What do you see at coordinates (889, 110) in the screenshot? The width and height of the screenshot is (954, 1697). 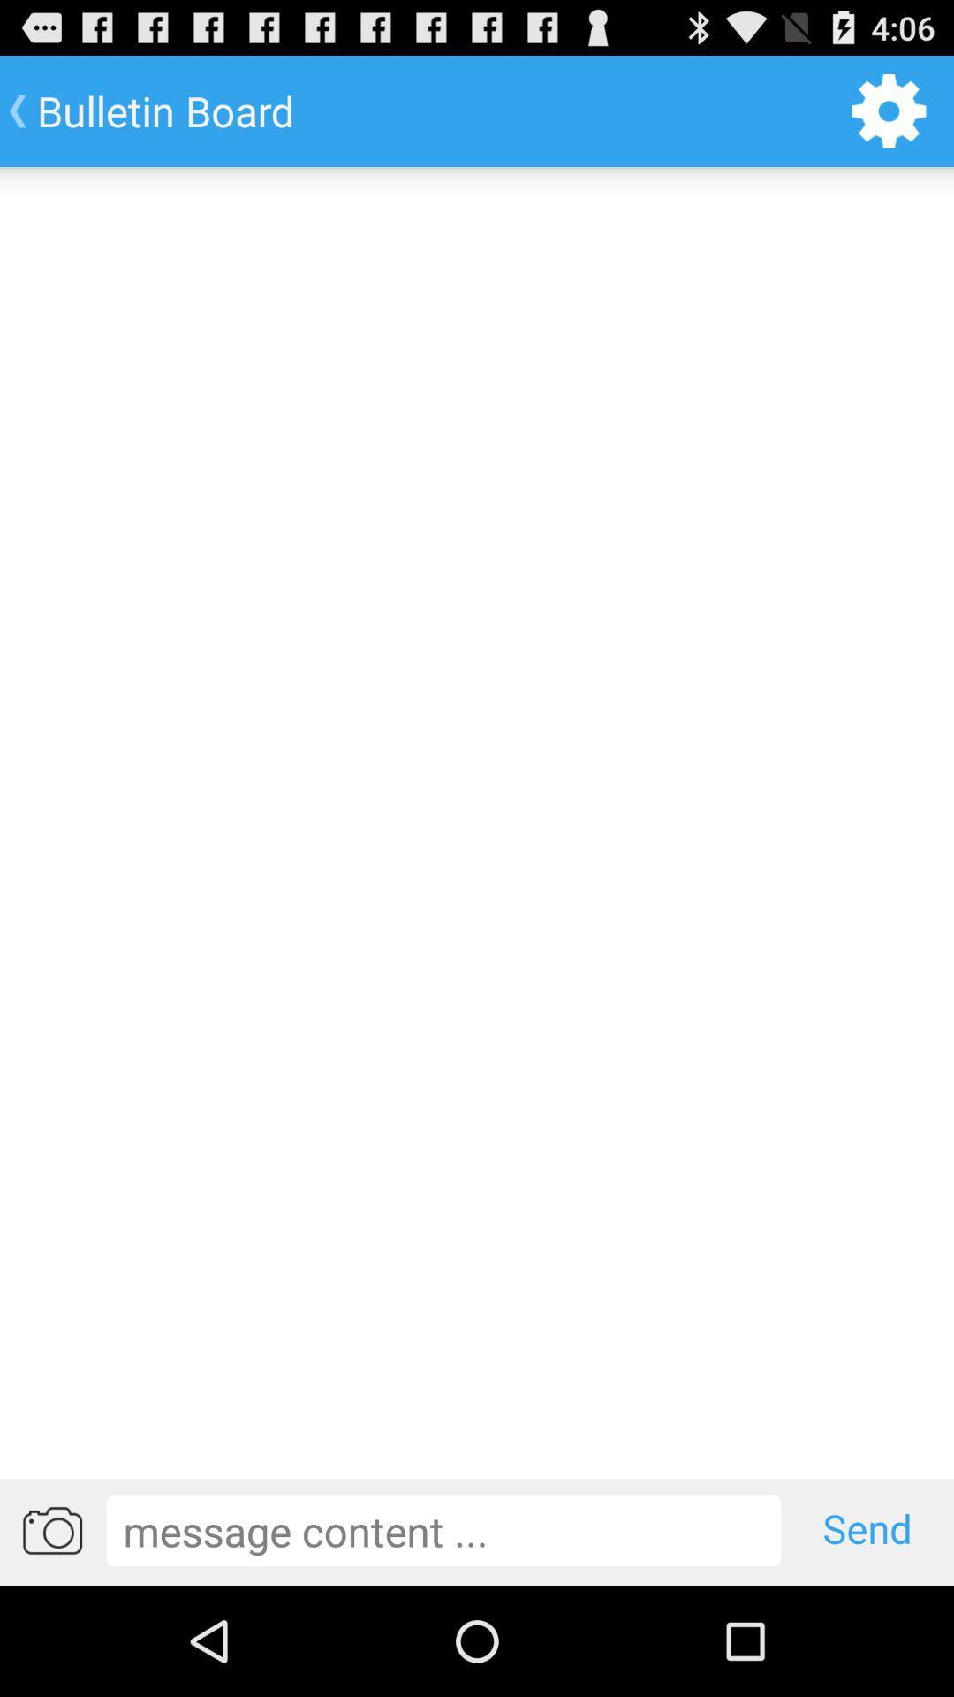 I see `the app next to bulletin board icon` at bounding box center [889, 110].